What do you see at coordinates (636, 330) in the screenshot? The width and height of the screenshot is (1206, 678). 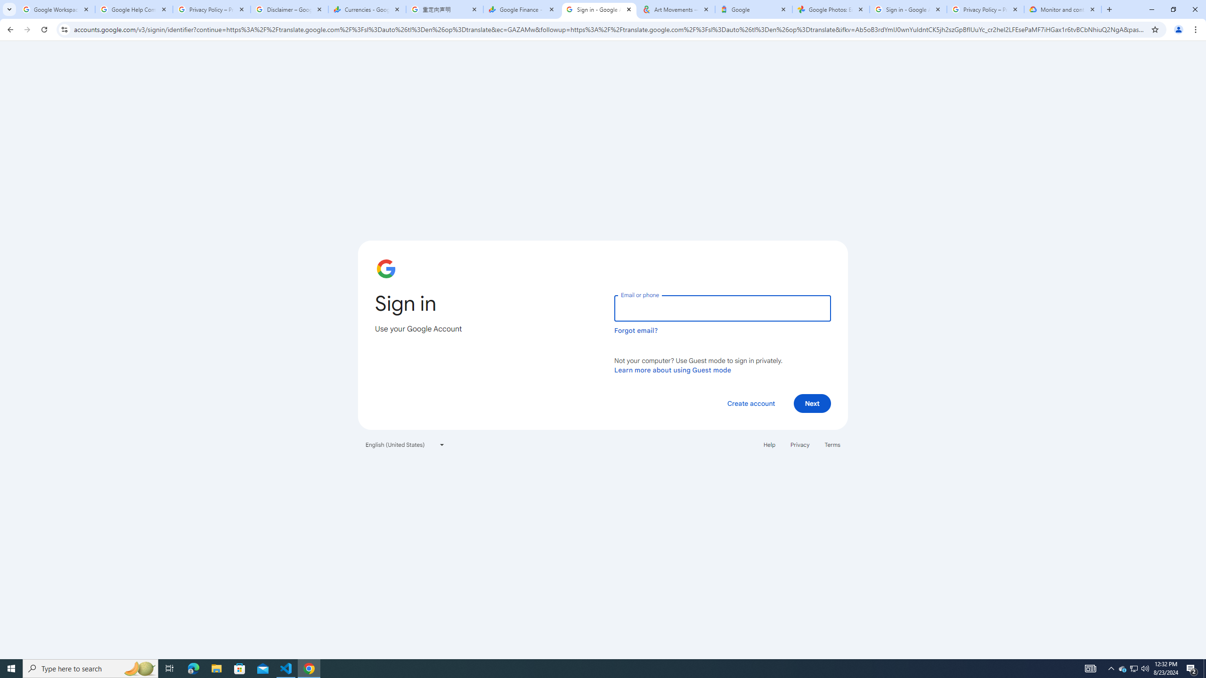 I see `'Forgot email?'` at bounding box center [636, 330].